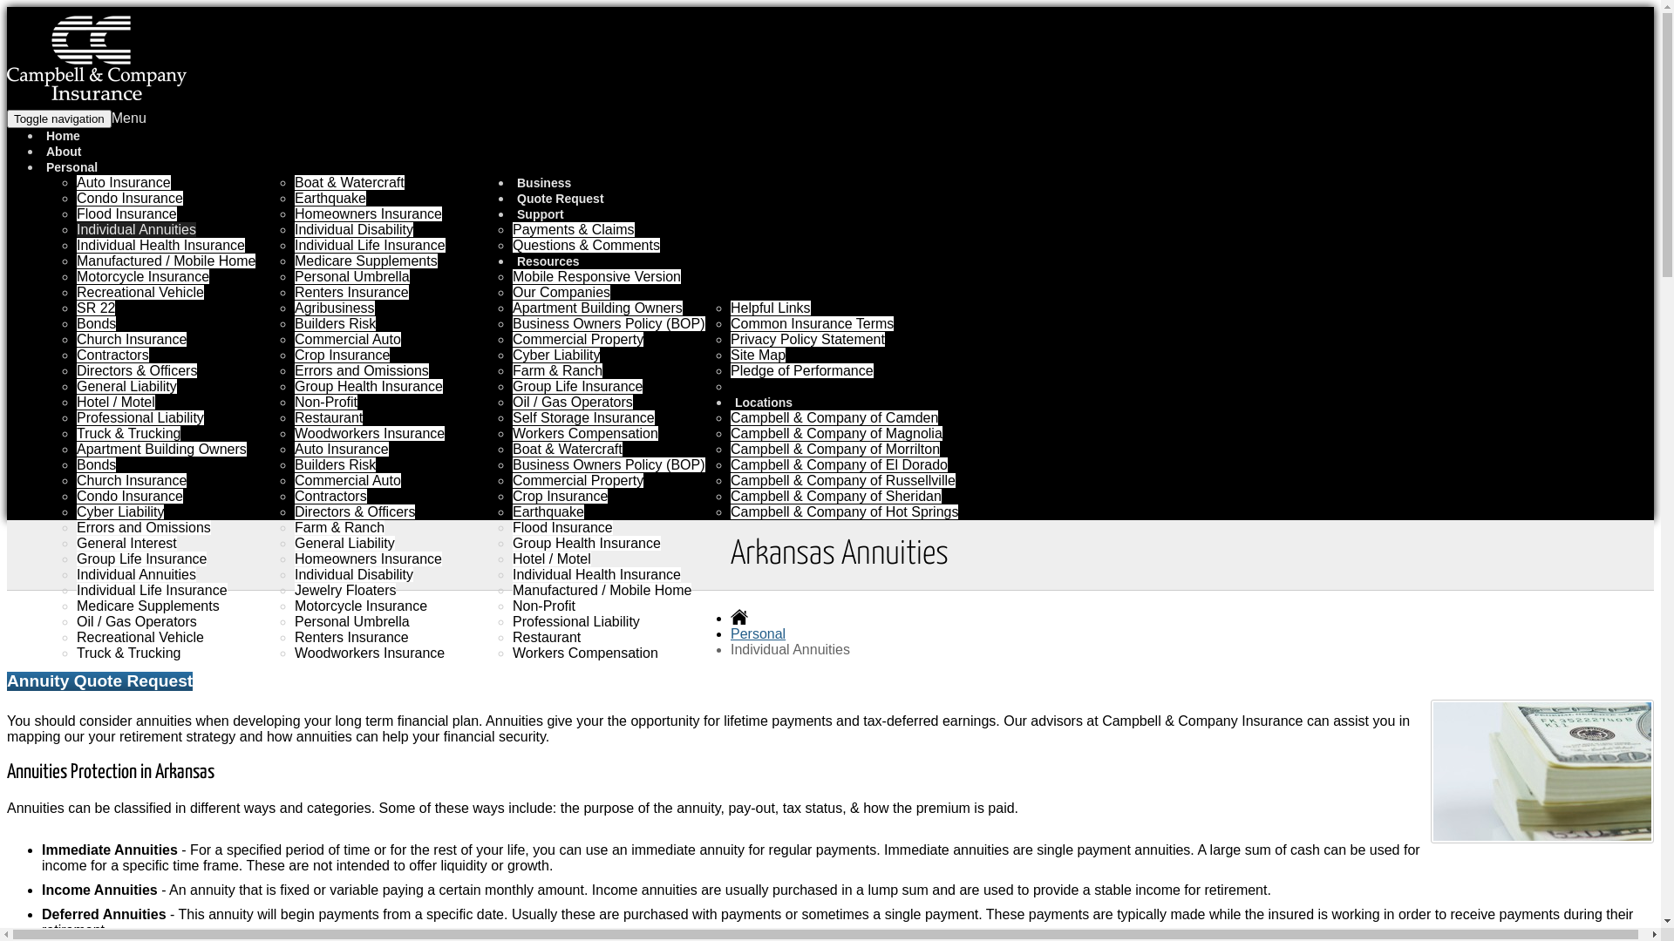 Image resolution: width=1674 pixels, height=941 pixels. What do you see at coordinates (7, 680) in the screenshot?
I see `'Annuity Quote Request'` at bounding box center [7, 680].